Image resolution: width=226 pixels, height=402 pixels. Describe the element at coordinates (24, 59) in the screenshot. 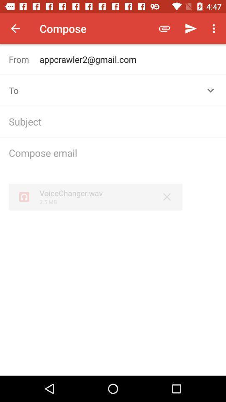

I see `the from icon` at that location.